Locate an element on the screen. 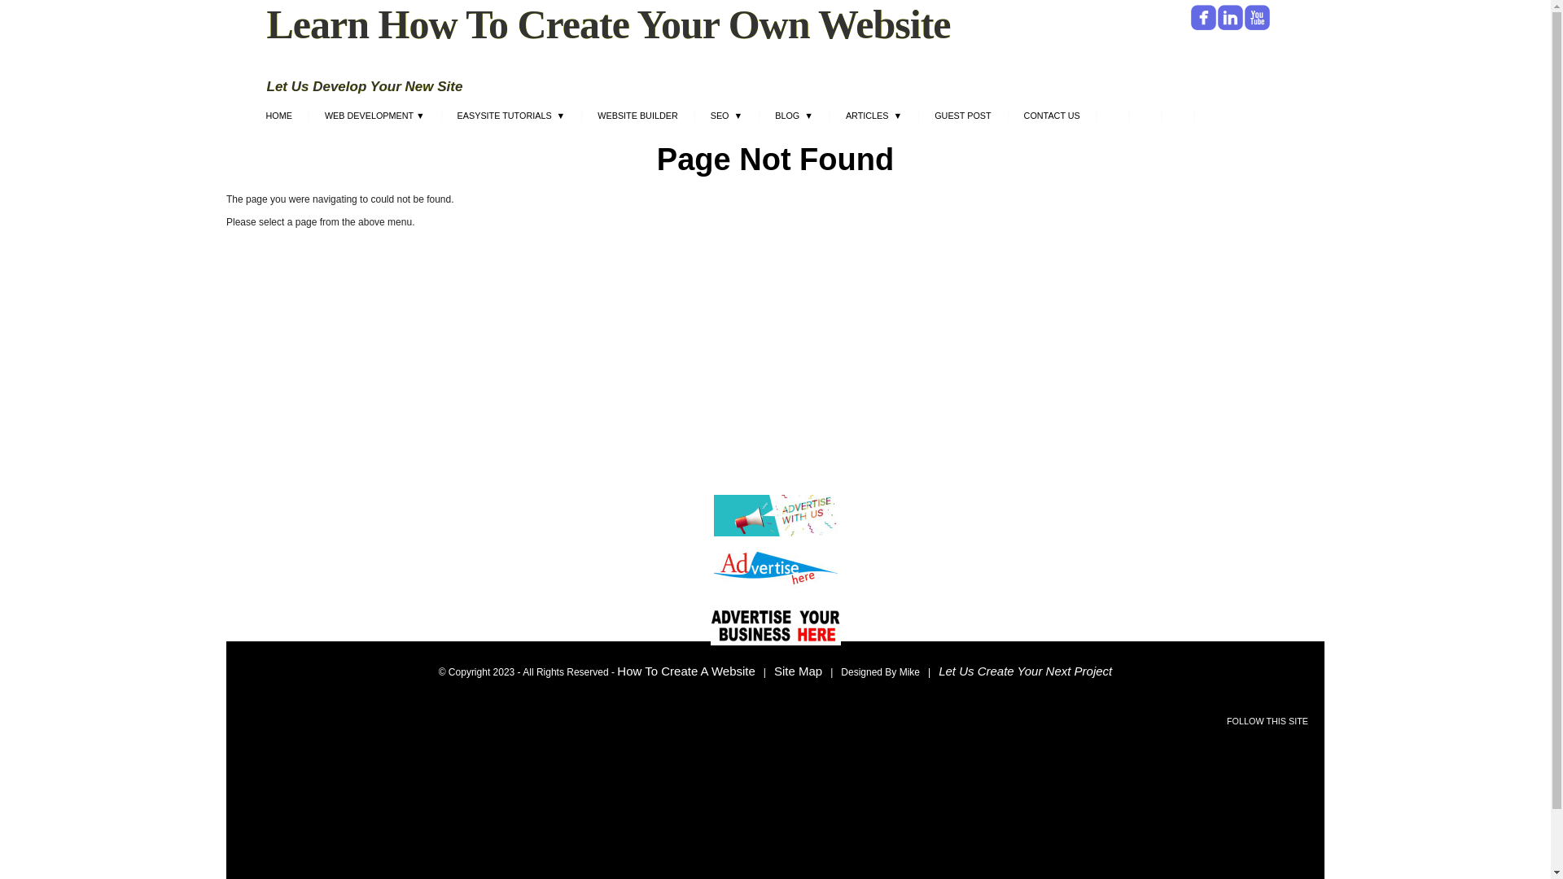  'Facebook' is located at coordinates (1202, 18).